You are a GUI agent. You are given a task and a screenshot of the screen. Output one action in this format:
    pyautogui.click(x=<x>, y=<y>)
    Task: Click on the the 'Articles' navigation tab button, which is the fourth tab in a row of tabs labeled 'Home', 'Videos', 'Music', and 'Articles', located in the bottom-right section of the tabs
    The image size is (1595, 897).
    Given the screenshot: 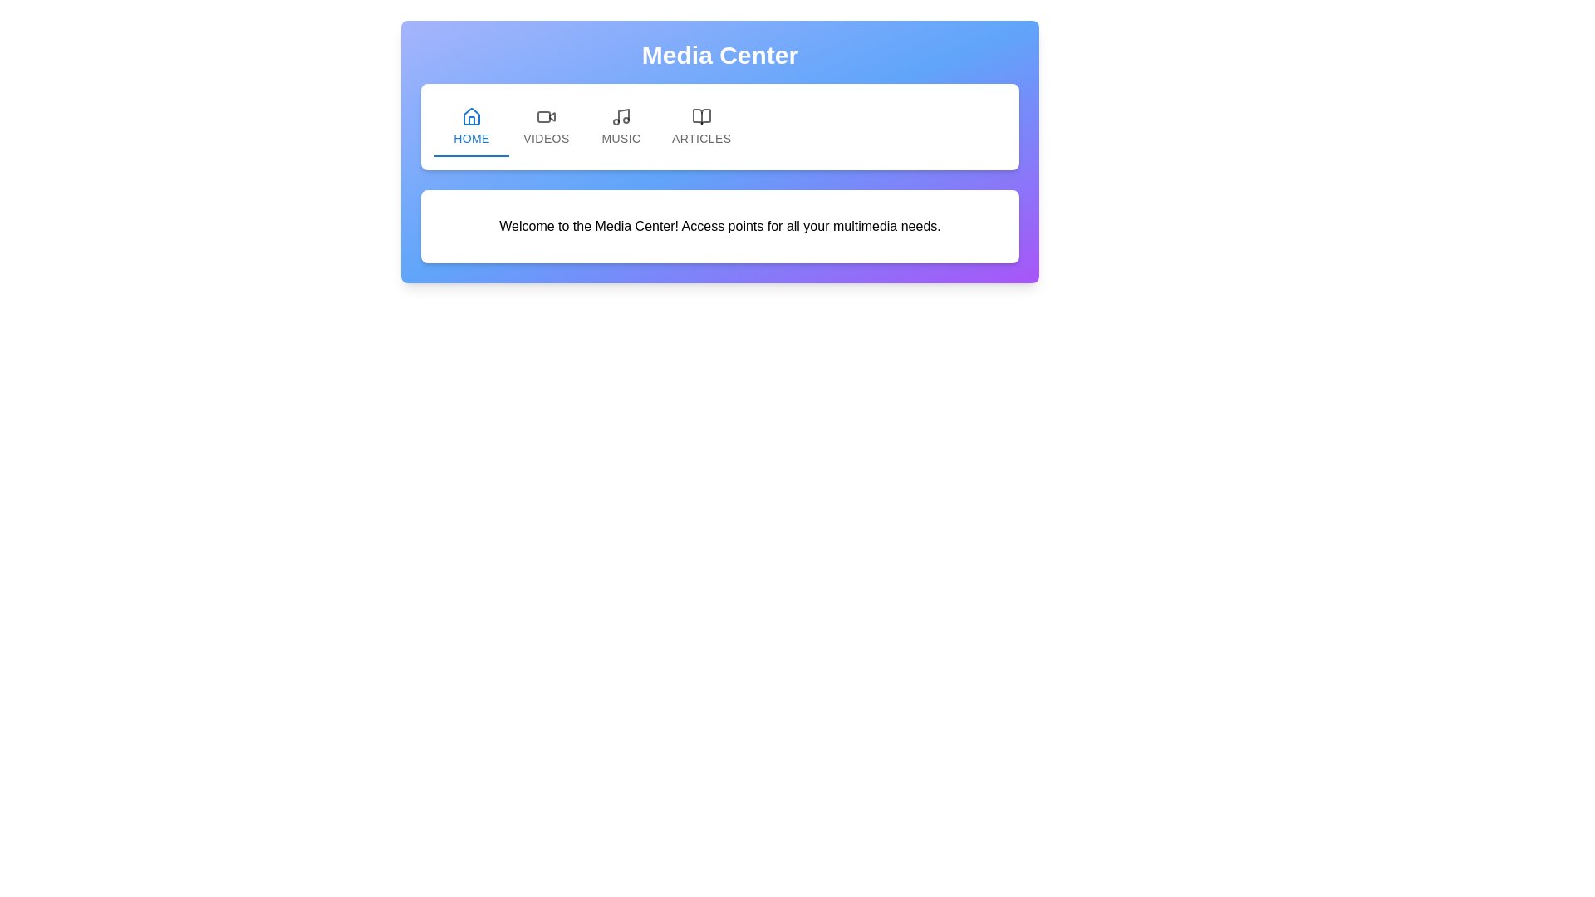 What is the action you would take?
    pyautogui.click(x=701, y=126)
    